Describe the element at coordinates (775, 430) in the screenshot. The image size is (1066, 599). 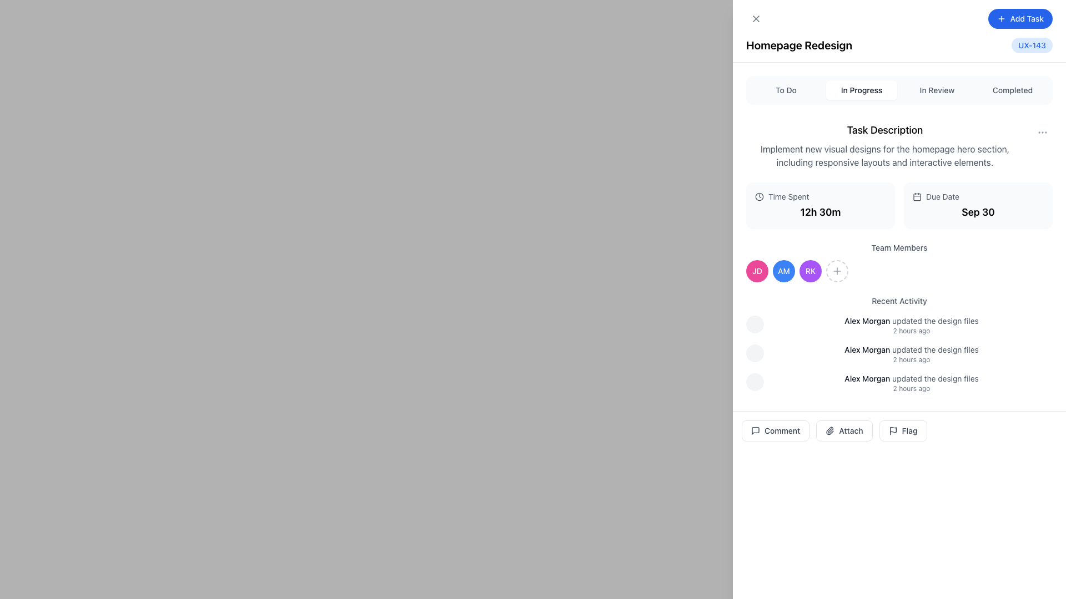
I see `the keyboard interaction on the first button in the horizontal group located under the 'Recent Activity' list` at that location.